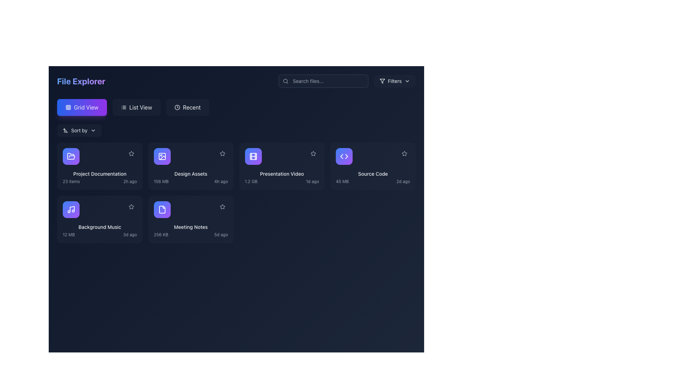 The image size is (673, 378). What do you see at coordinates (222, 206) in the screenshot?
I see `the interactive star icon element located at the bottom-right corner of the 'Meeting Notes' card` at bounding box center [222, 206].